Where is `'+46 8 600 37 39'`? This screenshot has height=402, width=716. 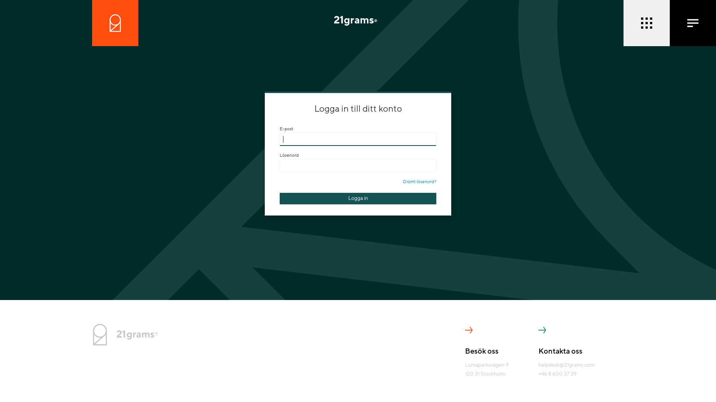 '+46 8 600 37 39' is located at coordinates (557, 374).